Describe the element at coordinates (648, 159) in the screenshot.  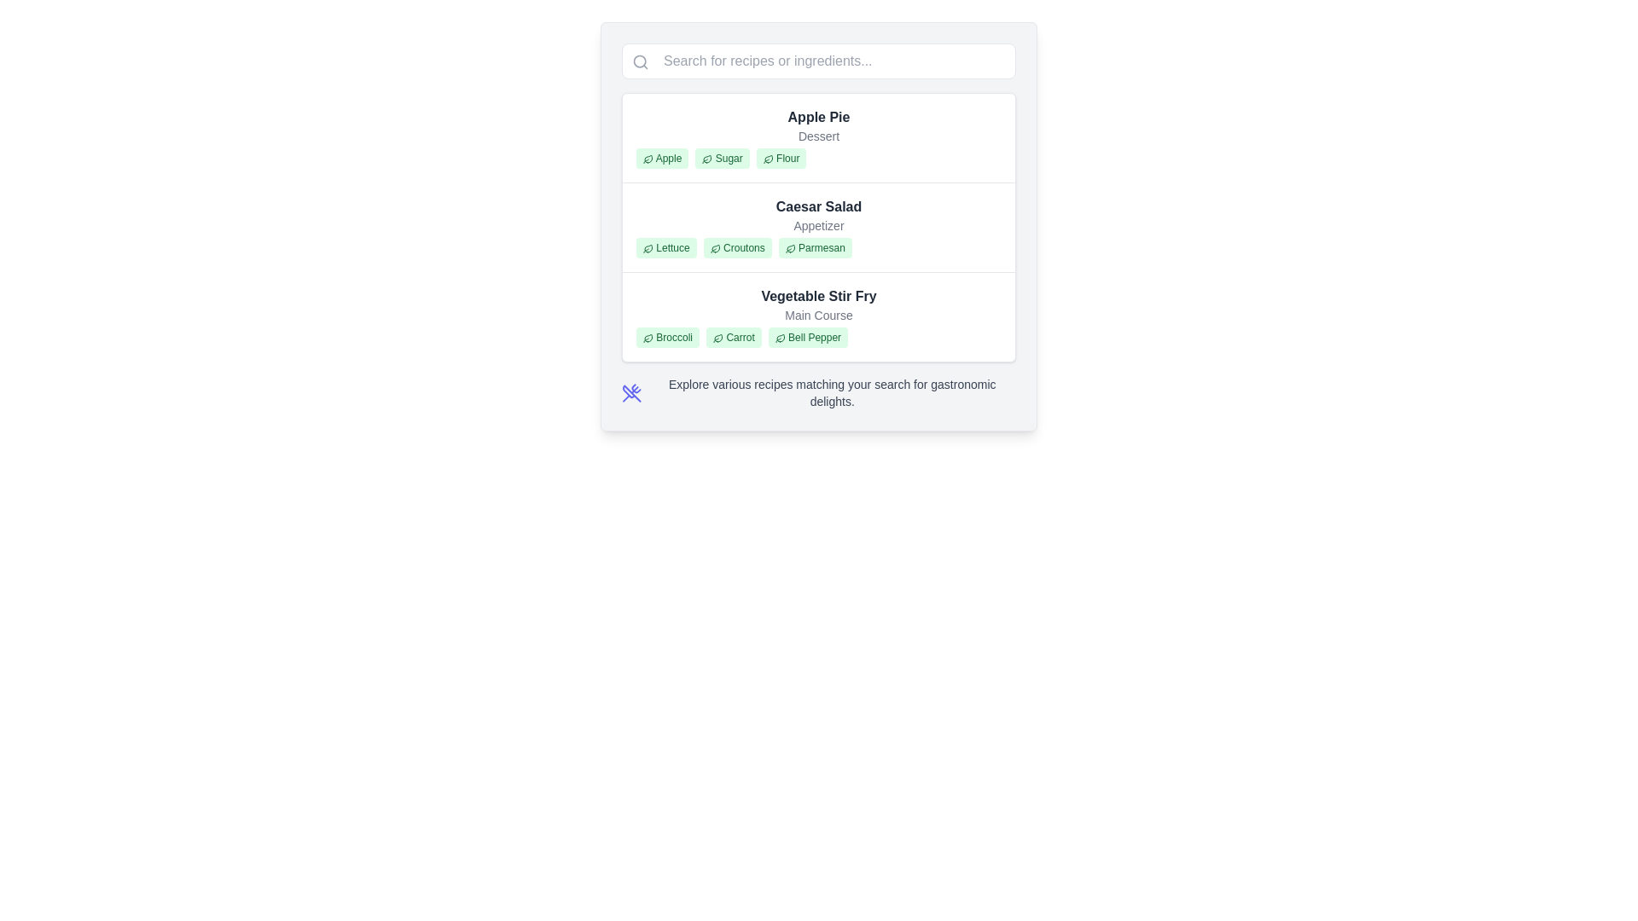
I see `the leaf outline vector graphic icon located to the left of the text 'Apple' in the first entry under 'Apple Pie'` at that location.